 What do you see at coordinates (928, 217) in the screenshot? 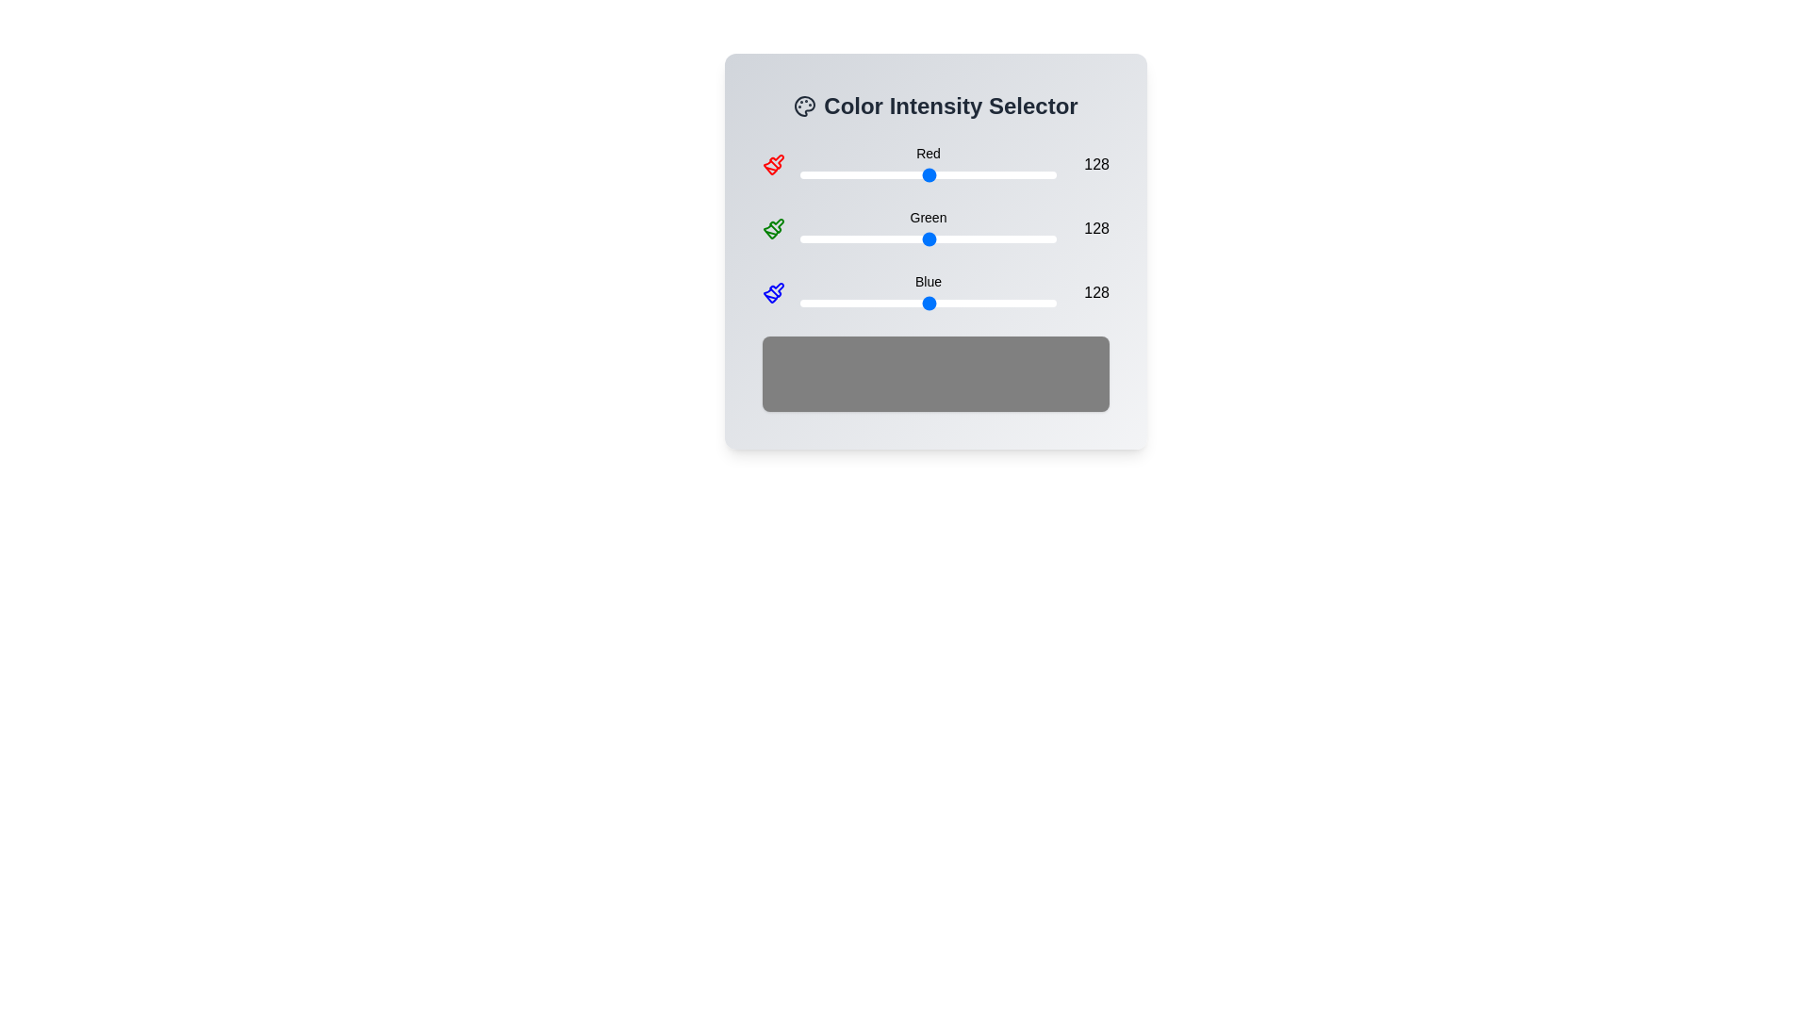
I see `the label that indicates the intensity of the green color channel, located centrally in the second row of the 'Color Intensity Selector' interface, between a green icon and the numeric value '128'` at bounding box center [928, 217].